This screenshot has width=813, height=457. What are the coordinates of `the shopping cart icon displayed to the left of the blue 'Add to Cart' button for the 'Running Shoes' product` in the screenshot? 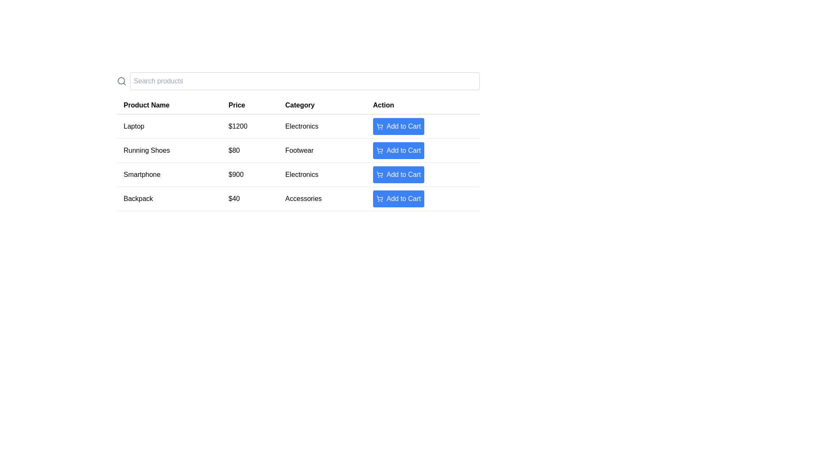 It's located at (379, 149).